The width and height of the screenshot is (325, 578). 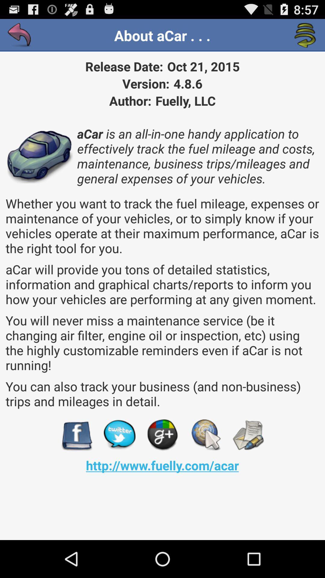 I want to click on item below you can also app, so click(x=119, y=435).